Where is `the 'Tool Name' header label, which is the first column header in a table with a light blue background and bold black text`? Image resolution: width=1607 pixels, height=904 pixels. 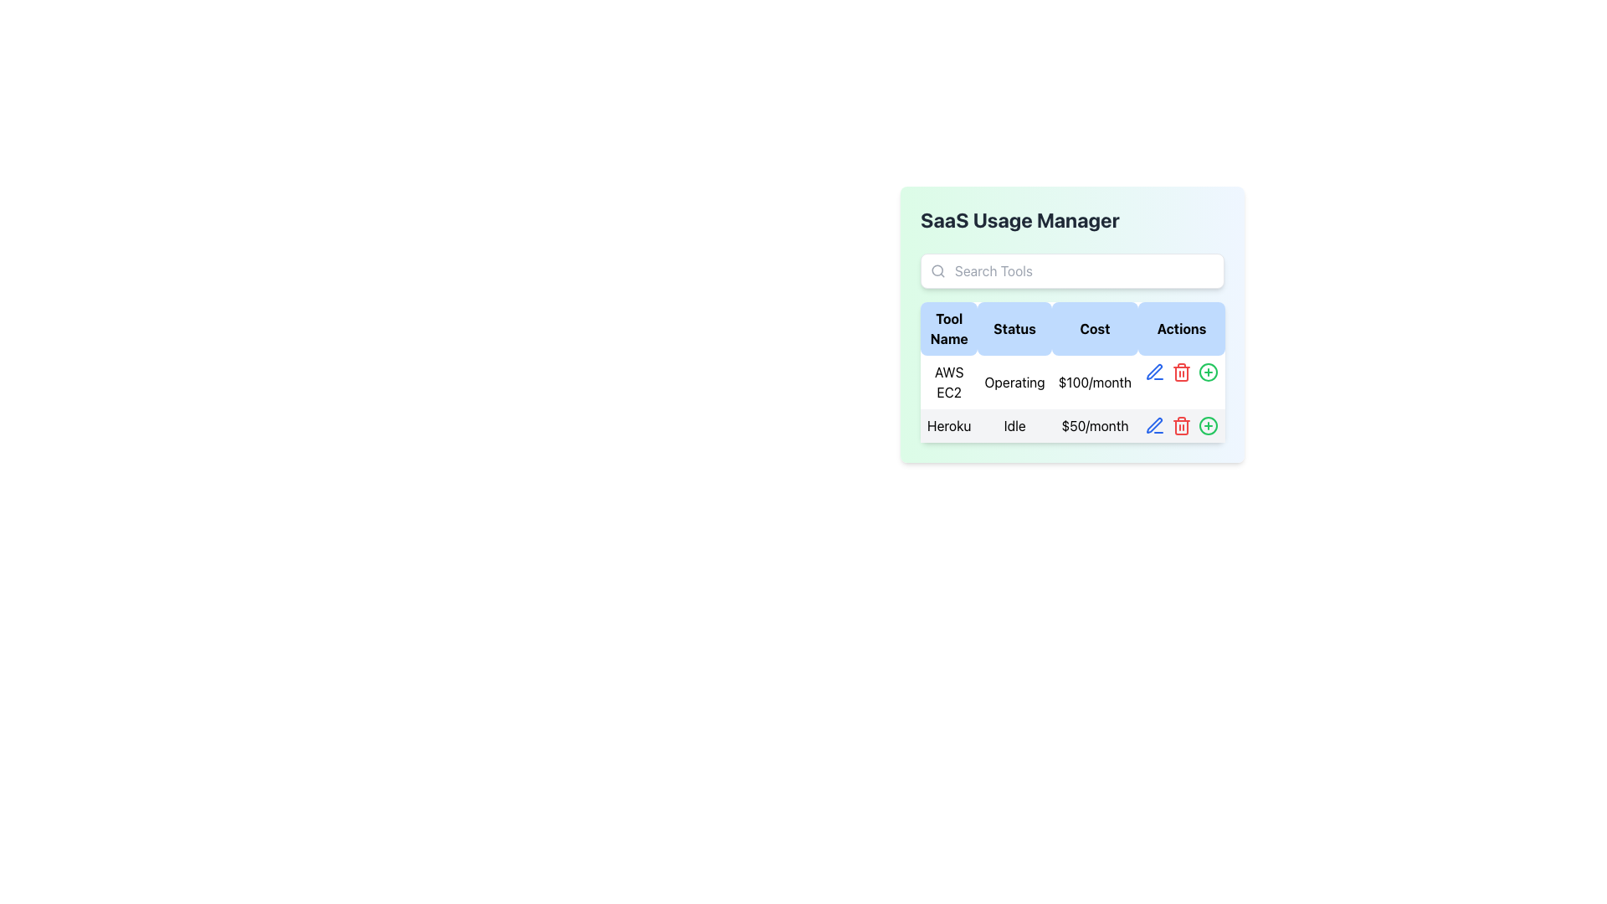
the 'Tool Name' header label, which is the first column header in a table with a light blue background and bold black text is located at coordinates (949, 329).